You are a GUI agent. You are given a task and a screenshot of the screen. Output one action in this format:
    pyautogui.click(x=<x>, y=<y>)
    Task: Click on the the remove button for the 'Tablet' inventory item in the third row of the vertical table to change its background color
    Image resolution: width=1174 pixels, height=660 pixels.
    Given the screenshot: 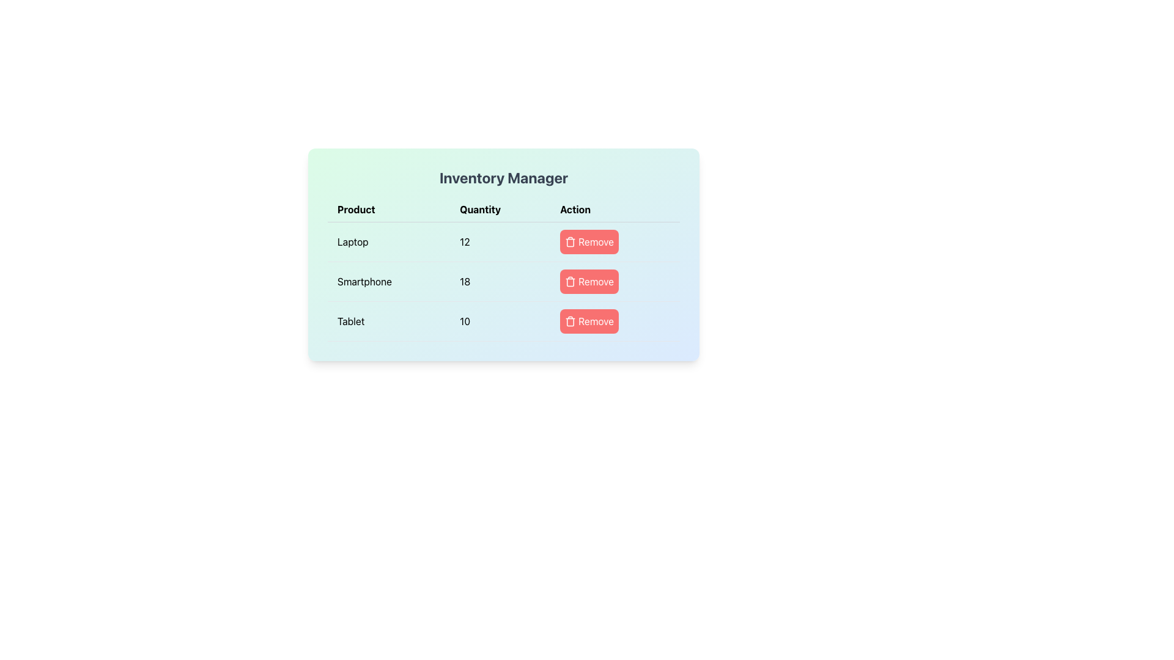 What is the action you would take?
    pyautogui.click(x=615, y=320)
    